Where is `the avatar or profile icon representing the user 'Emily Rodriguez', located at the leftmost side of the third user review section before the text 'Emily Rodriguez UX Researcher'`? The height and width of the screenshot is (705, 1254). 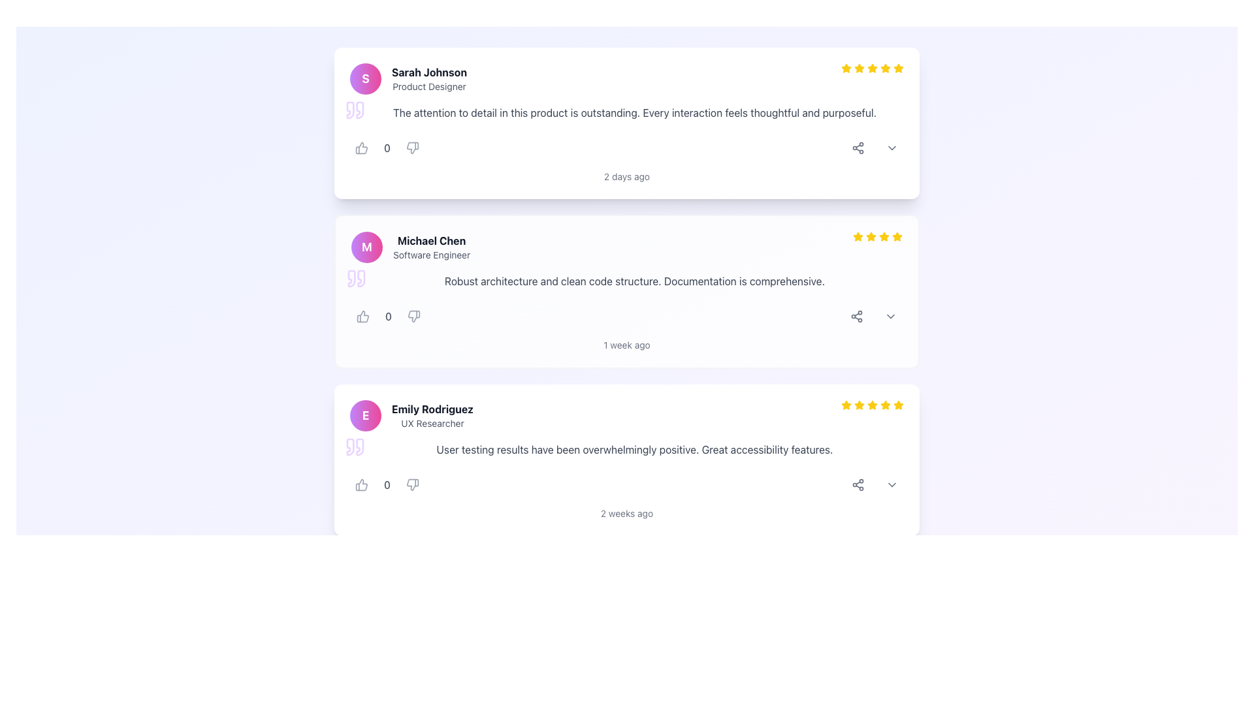 the avatar or profile icon representing the user 'Emily Rodriguez', located at the leftmost side of the third user review section before the text 'Emily Rodriguez UX Researcher' is located at coordinates (366, 415).